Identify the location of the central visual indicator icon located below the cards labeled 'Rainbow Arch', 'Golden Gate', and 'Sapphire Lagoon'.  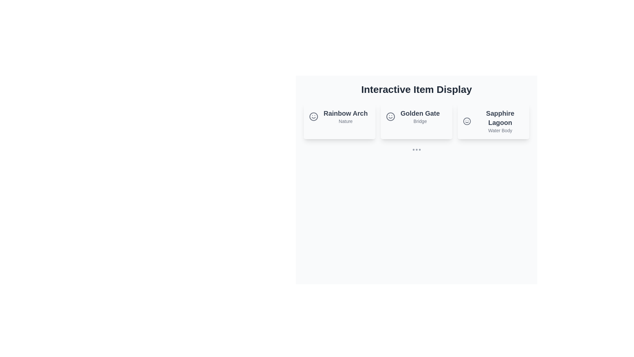
(416, 149).